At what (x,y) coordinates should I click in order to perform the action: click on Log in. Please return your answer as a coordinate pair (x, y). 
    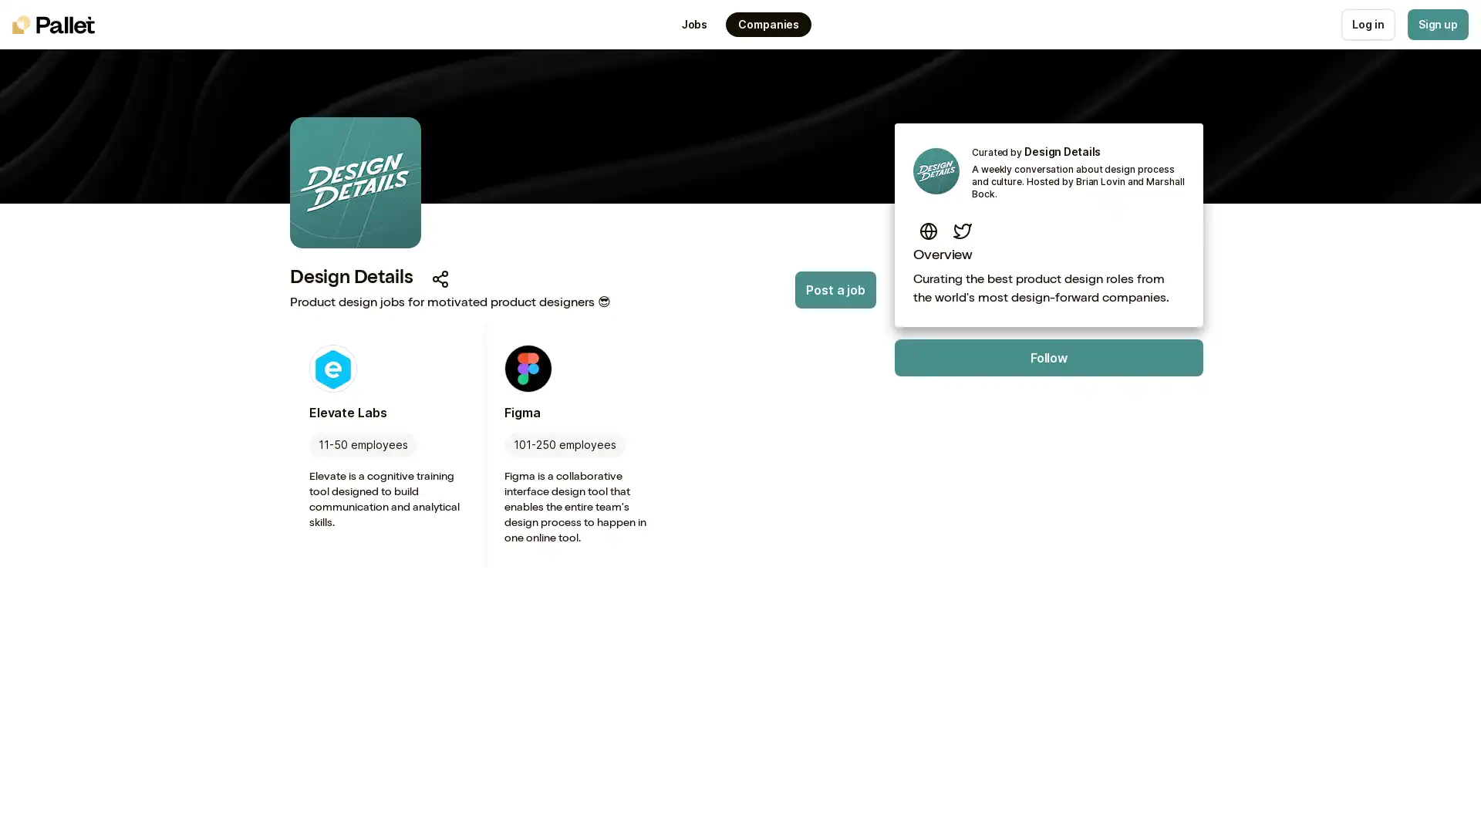
    Looking at the image, I should click on (1368, 24).